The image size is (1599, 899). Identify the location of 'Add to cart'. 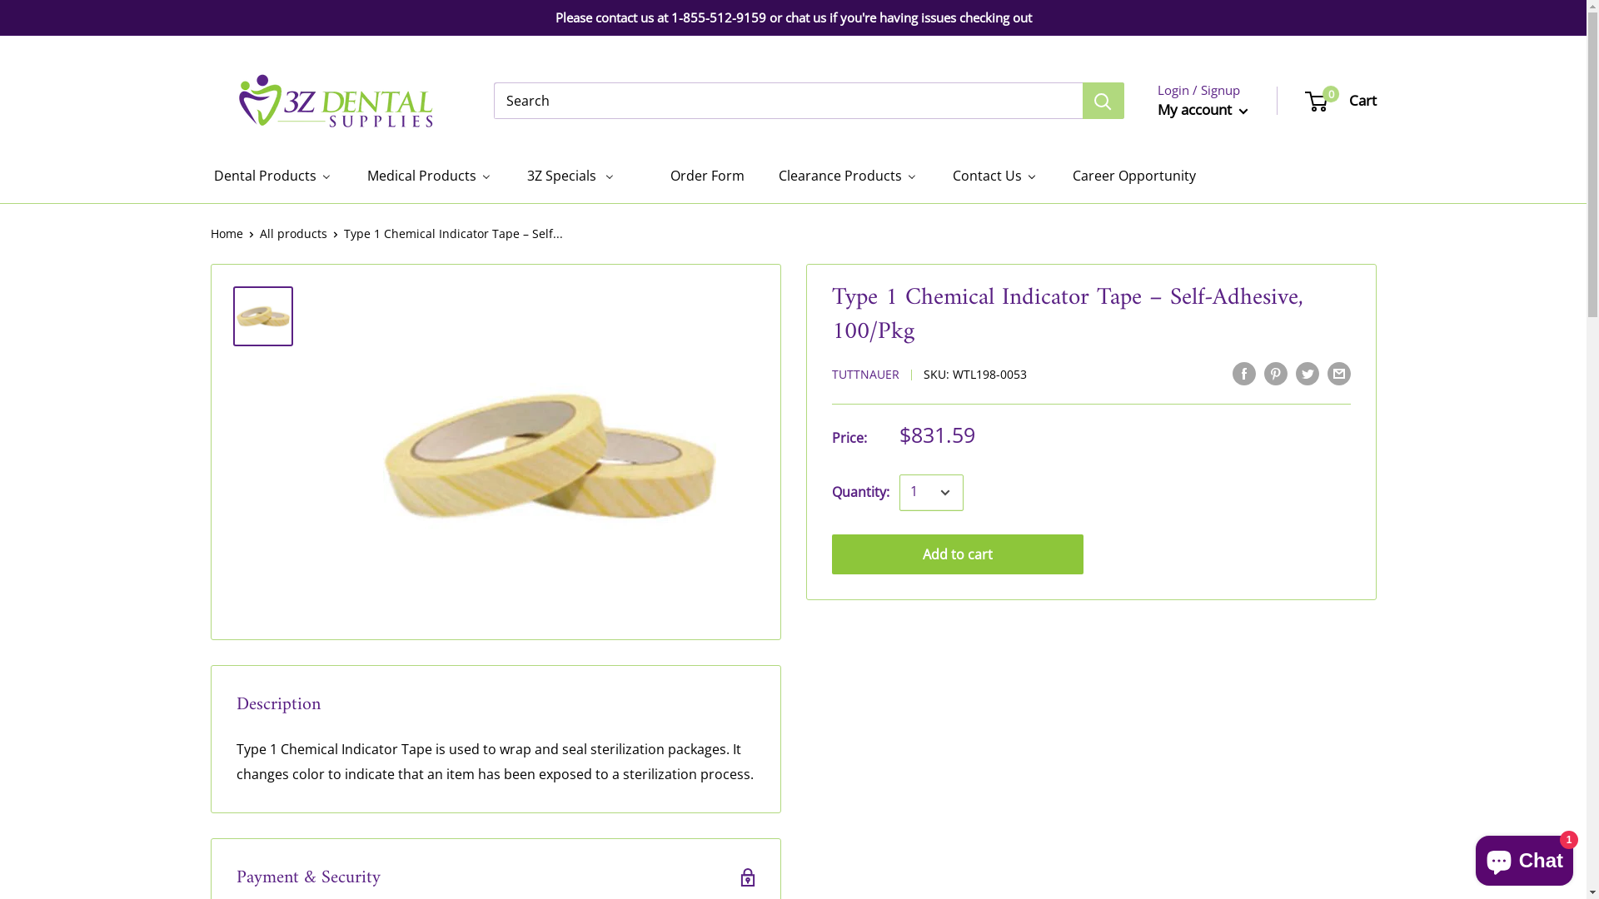
(957, 554).